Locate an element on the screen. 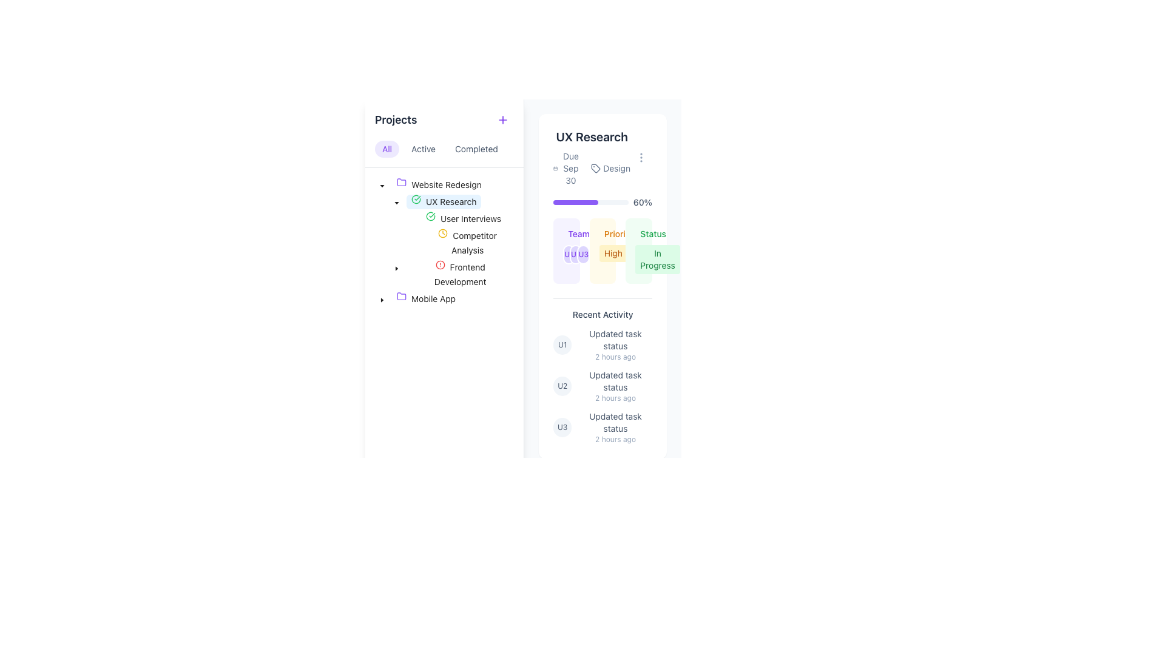 This screenshot has width=1165, height=655. the second text entry in the 'Recent Activity' section of the 'UX Research' panel, which displays a log entry of a task's status update with its timestamp is located at coordinates (615, 386).